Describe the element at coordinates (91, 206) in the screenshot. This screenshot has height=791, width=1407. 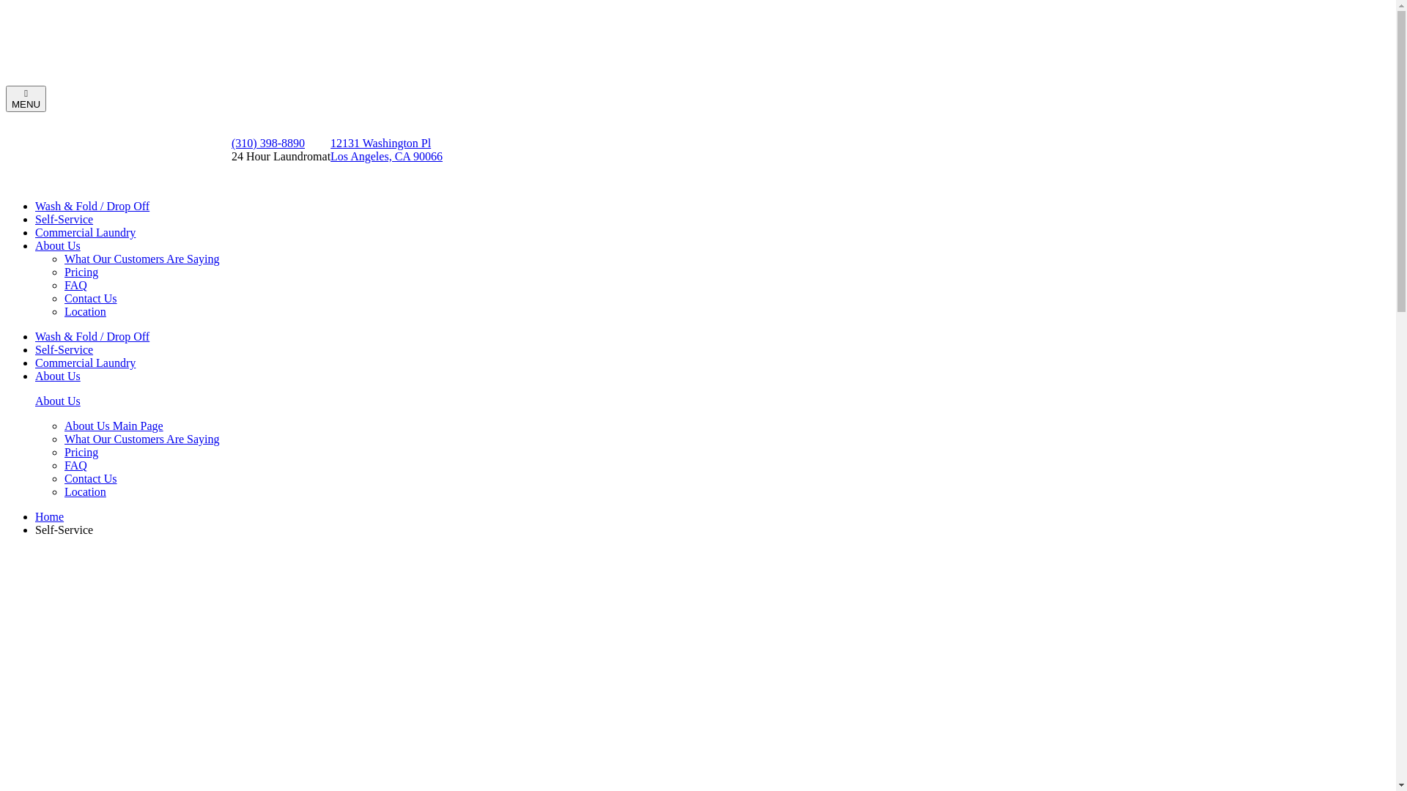
I see `'Wash & Fold / Drop Off'` at that location.